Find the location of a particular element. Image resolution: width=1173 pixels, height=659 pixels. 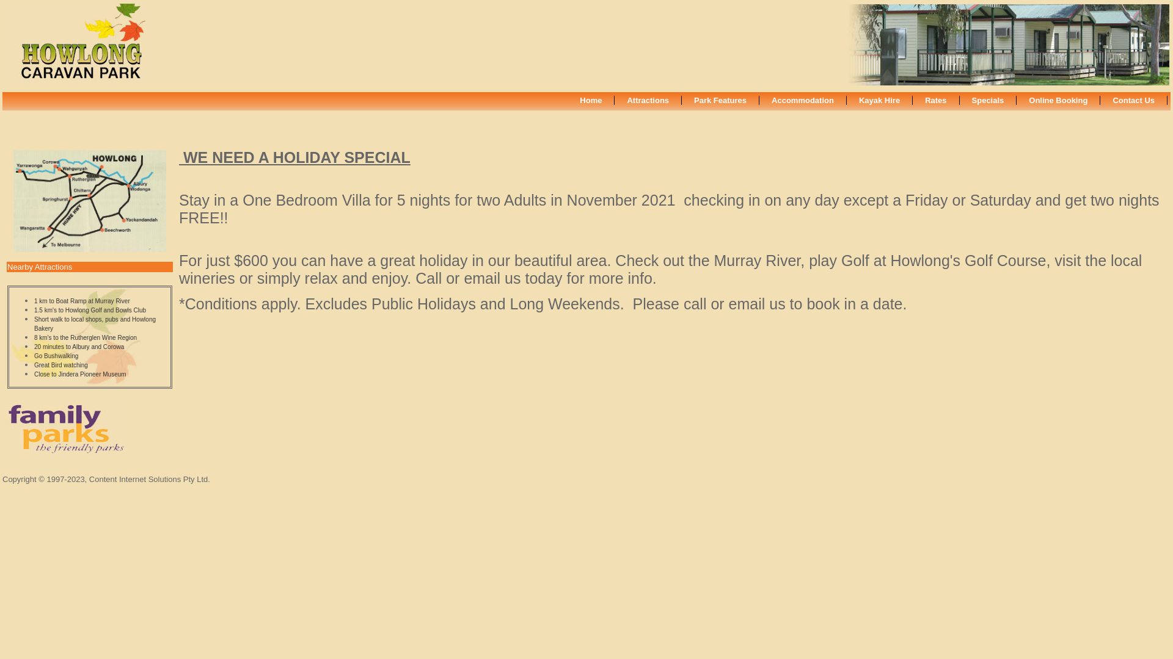

'Accommodation' is located at coordinates (803, 99).